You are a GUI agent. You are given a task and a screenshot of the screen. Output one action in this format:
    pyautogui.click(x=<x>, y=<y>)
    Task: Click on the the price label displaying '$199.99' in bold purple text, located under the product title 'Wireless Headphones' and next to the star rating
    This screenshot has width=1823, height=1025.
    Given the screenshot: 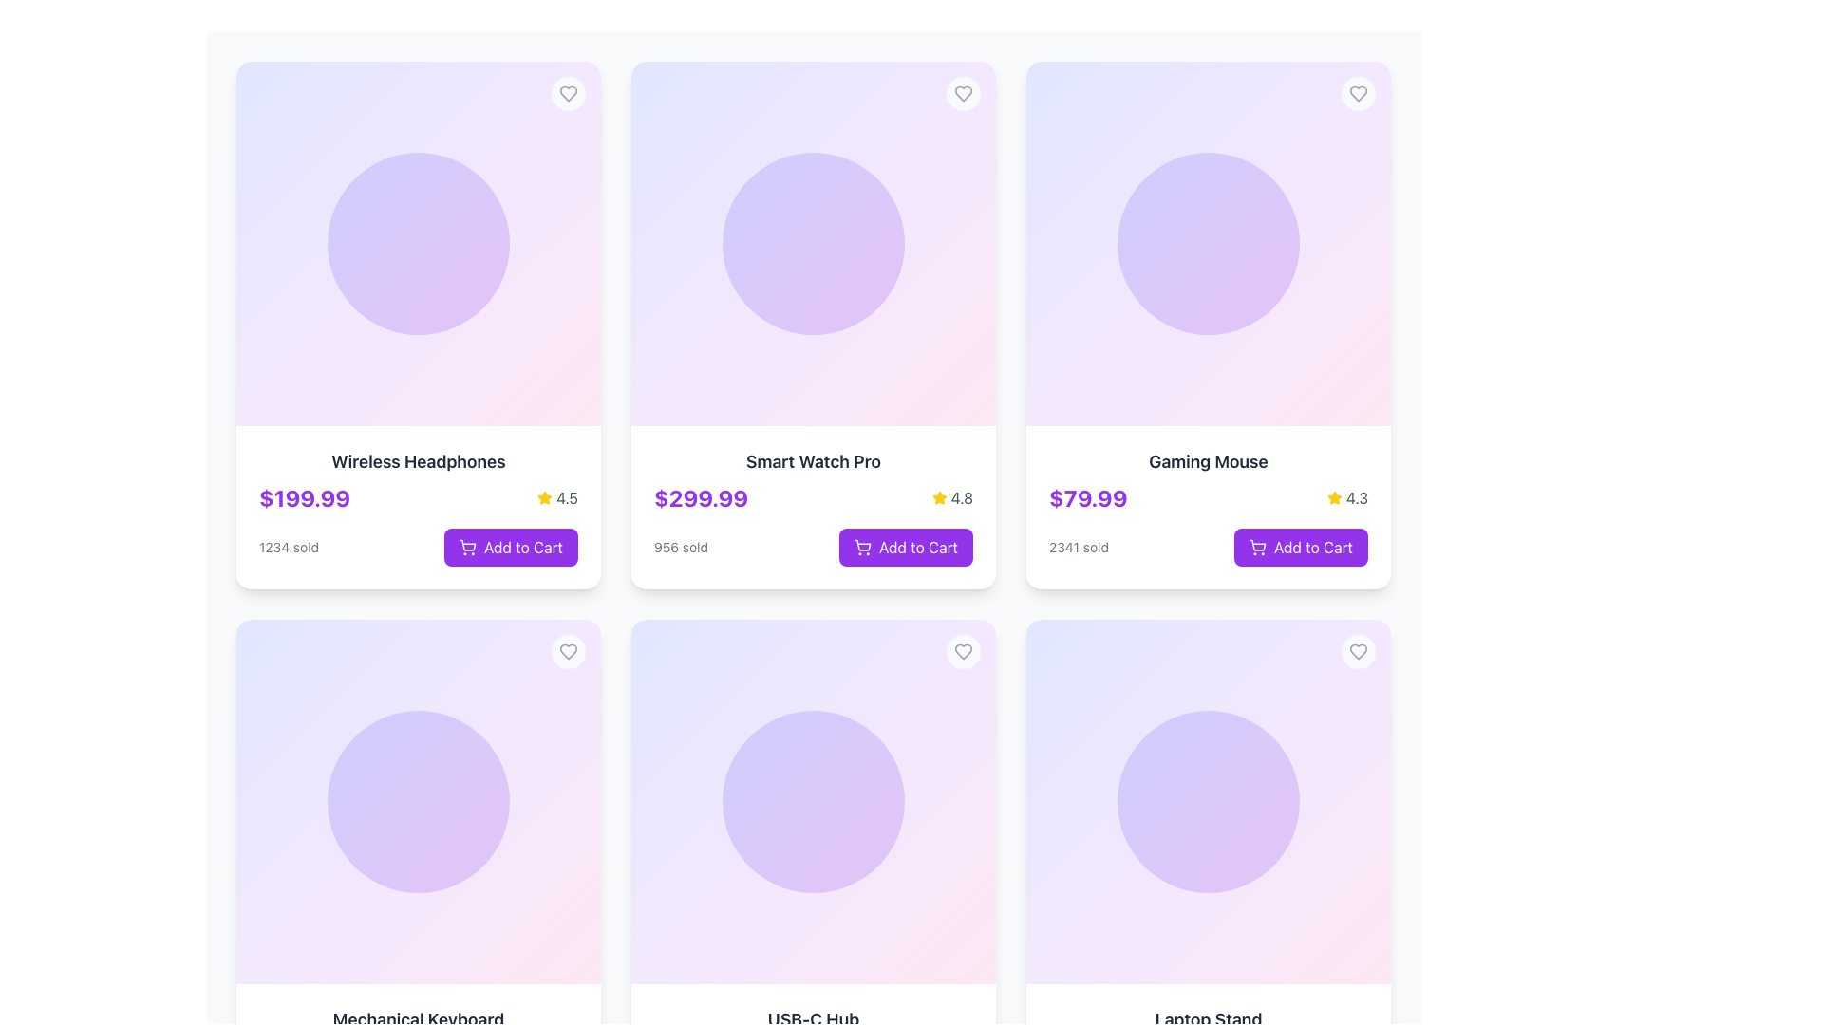 What is the action you would take?
    pyautogui.click(x=305, y=496)
    